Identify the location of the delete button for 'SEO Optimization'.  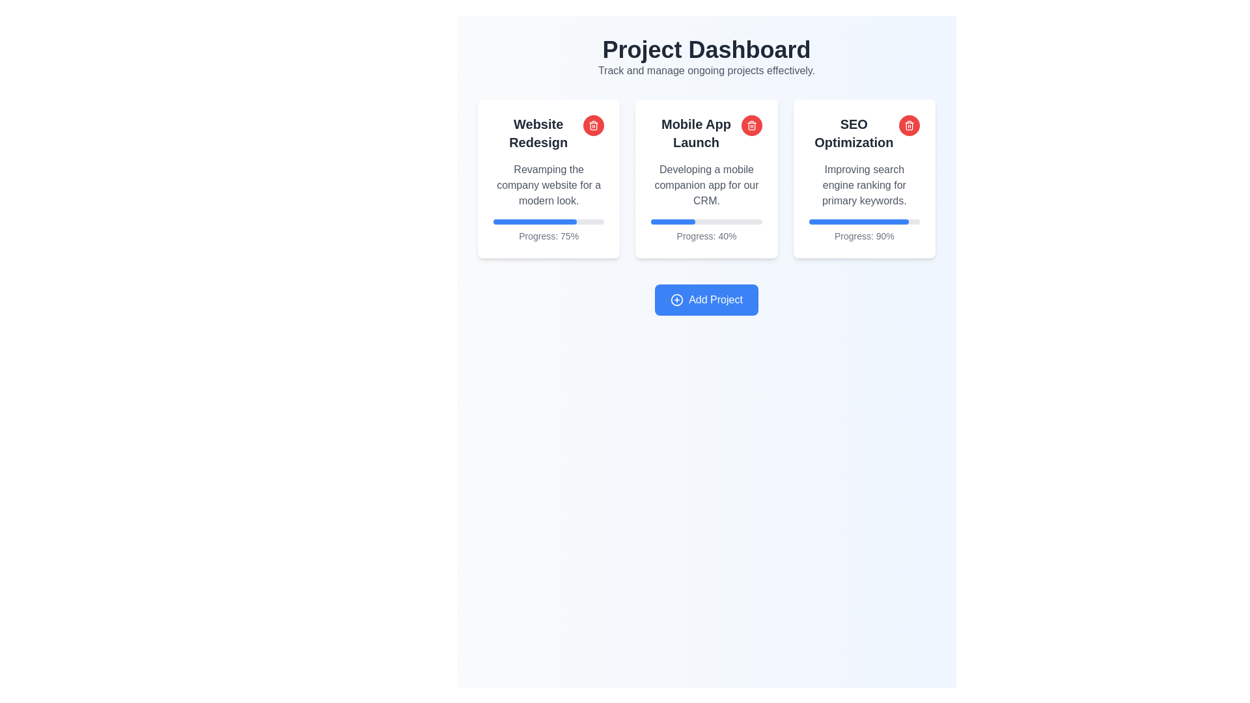
(908, 125).